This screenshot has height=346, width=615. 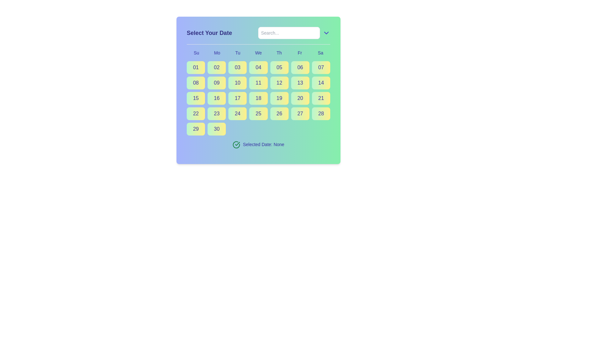 What do you see at coordinates (299, 82) in the screenshot?
I see `the rectangular button labeled '13' with a gradient background from light green to light yellow, located in the fourth row and sixth column of the calendar interface` at bounding box center [299, 82].